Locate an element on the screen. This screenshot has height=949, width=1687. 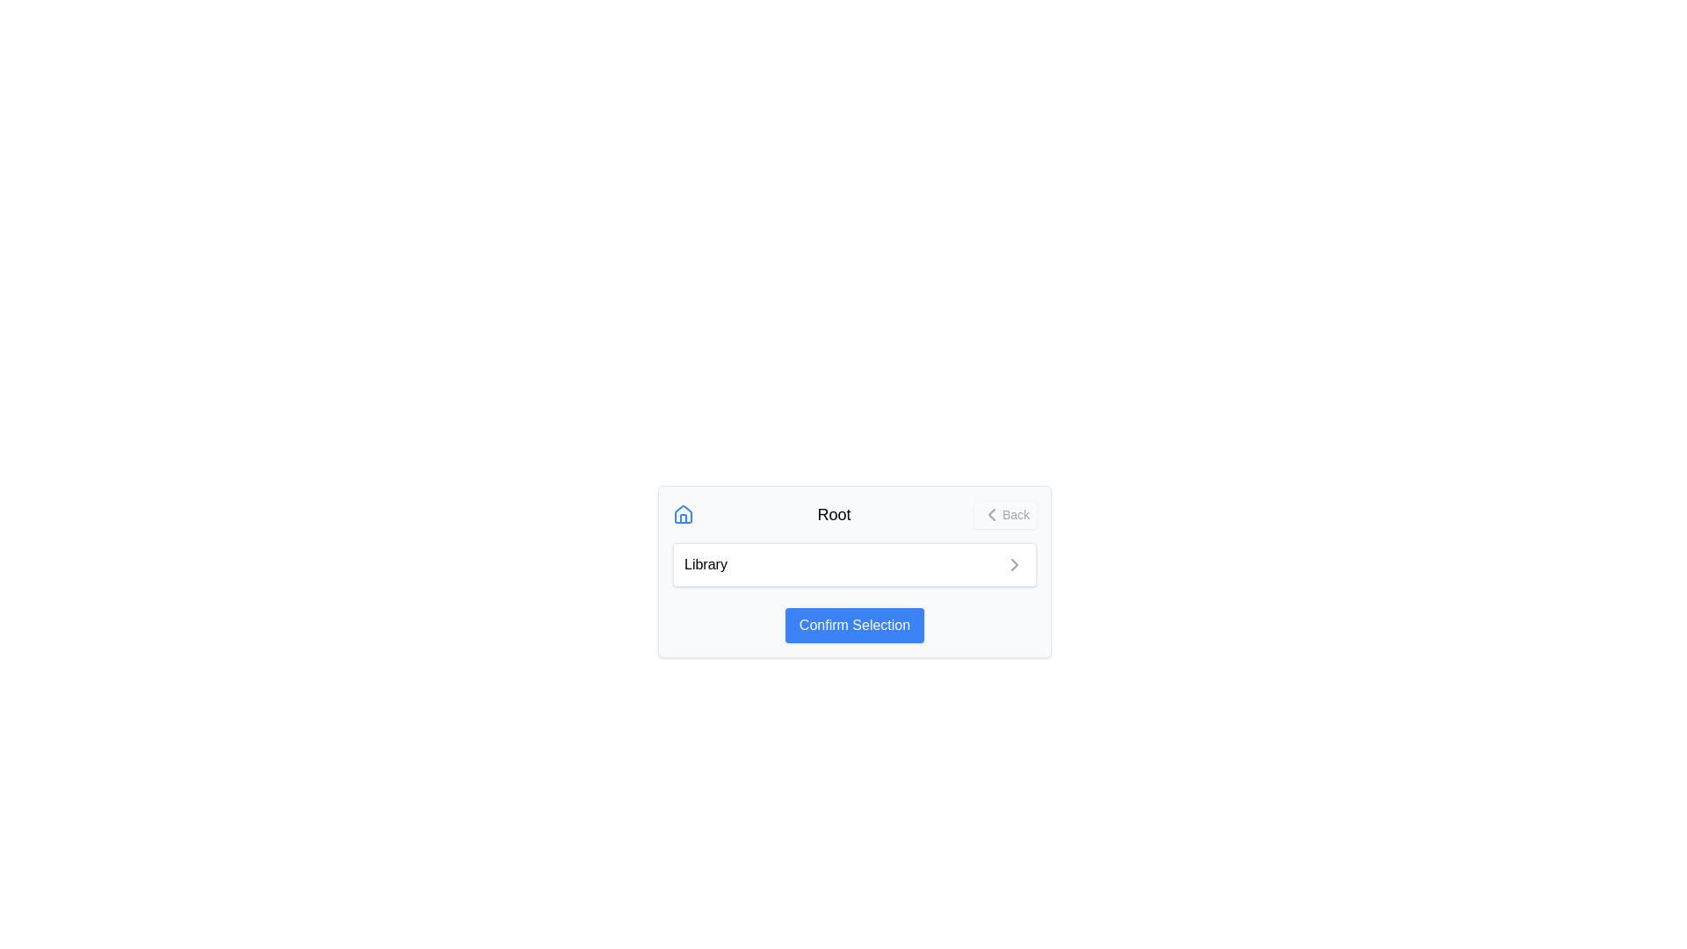
the non-interactive SVG house icon component positioned towards the lower-center area of the house icon structure is located at coordinates (682, 518).